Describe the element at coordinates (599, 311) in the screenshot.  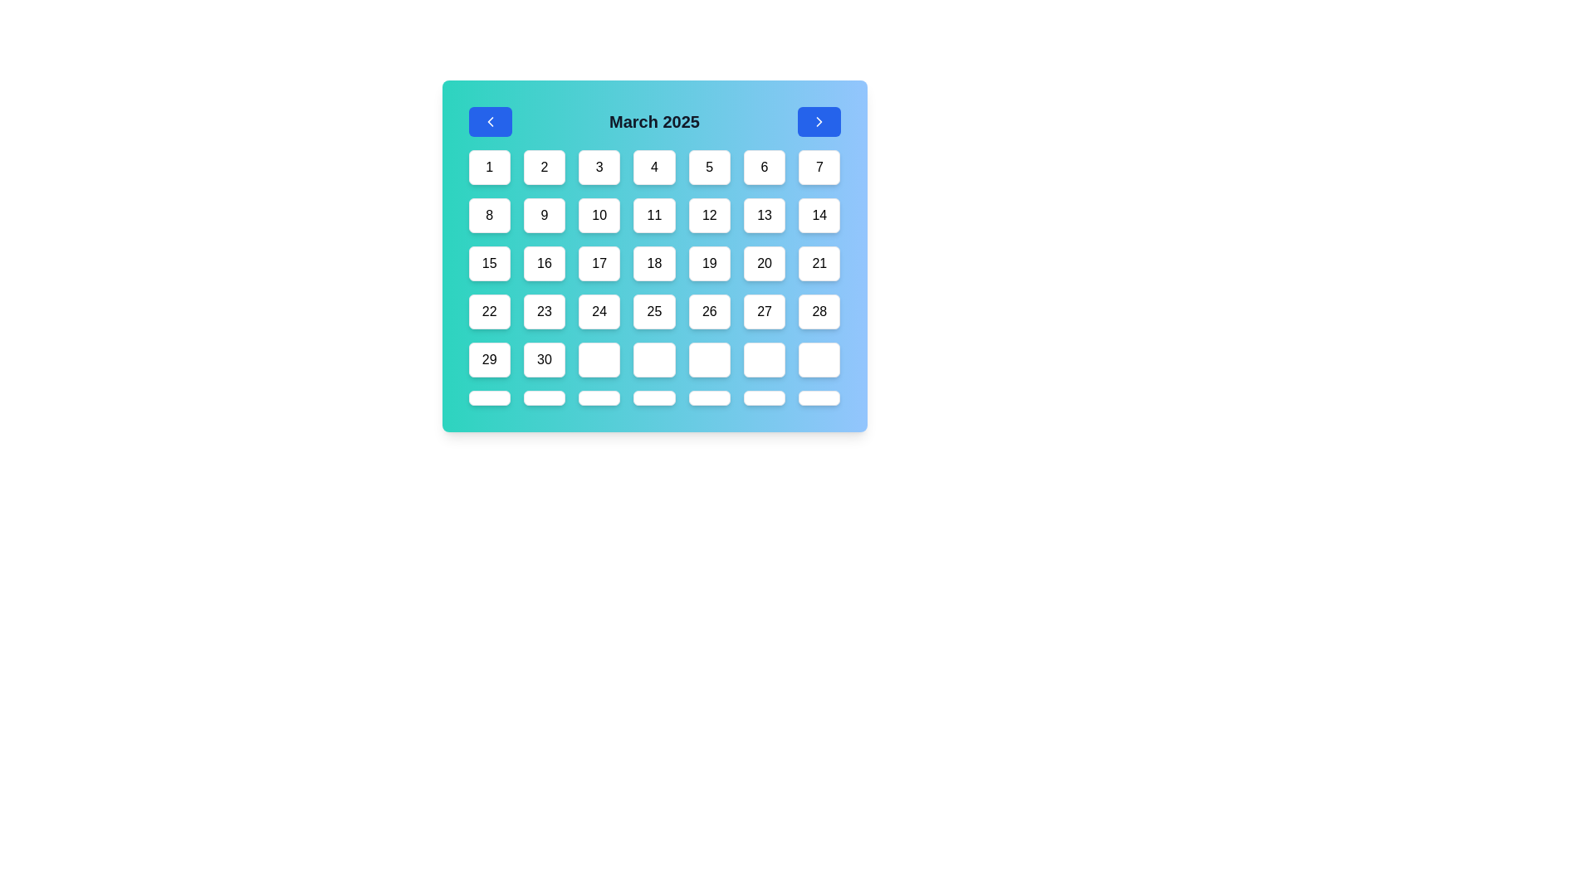
I see `the button representing the 24th day of March 2025 in the calendar interface` at that location.